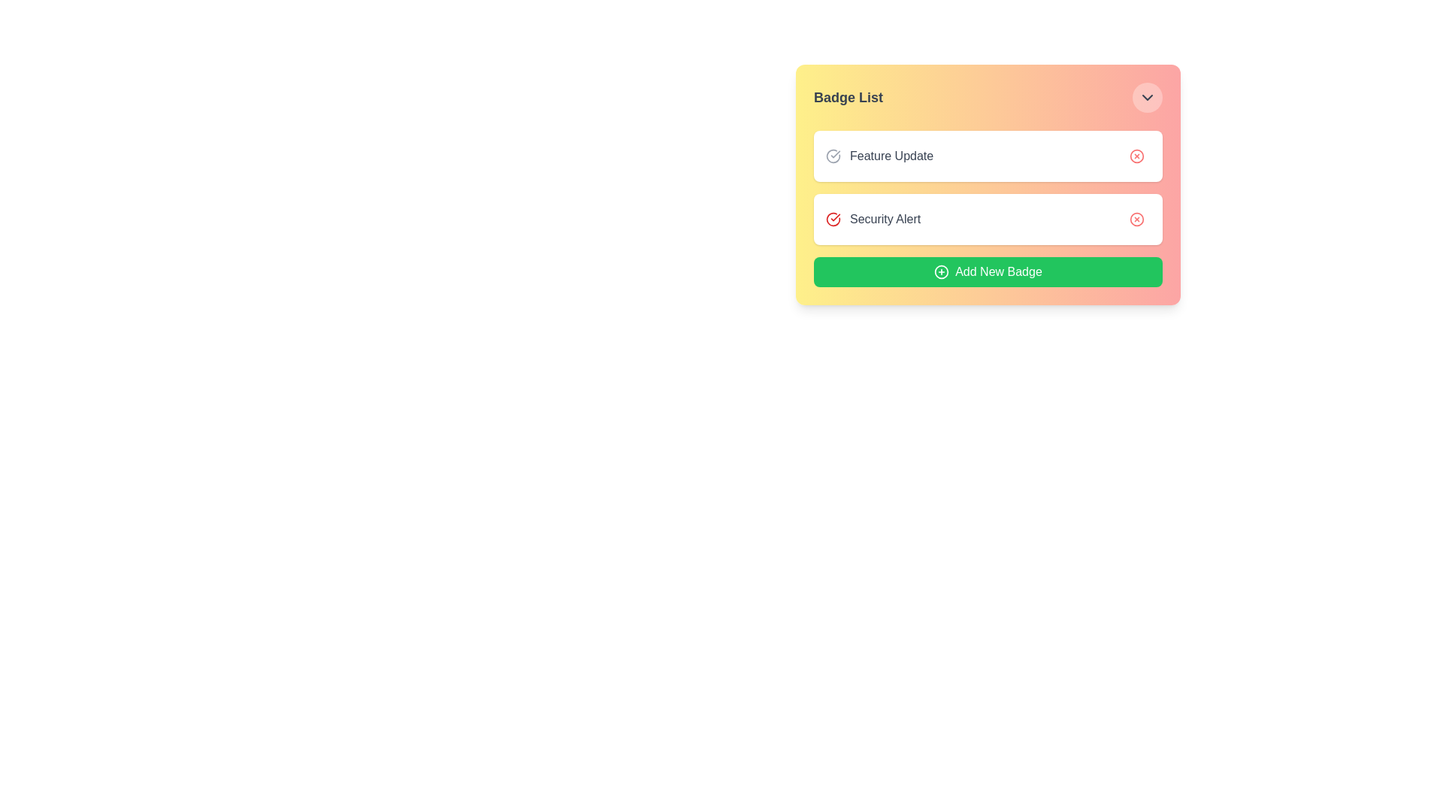  Describe the element at coordinates (1136, 220) in the screenshot. I see `the button within the 'Security Alert' card` at that location.